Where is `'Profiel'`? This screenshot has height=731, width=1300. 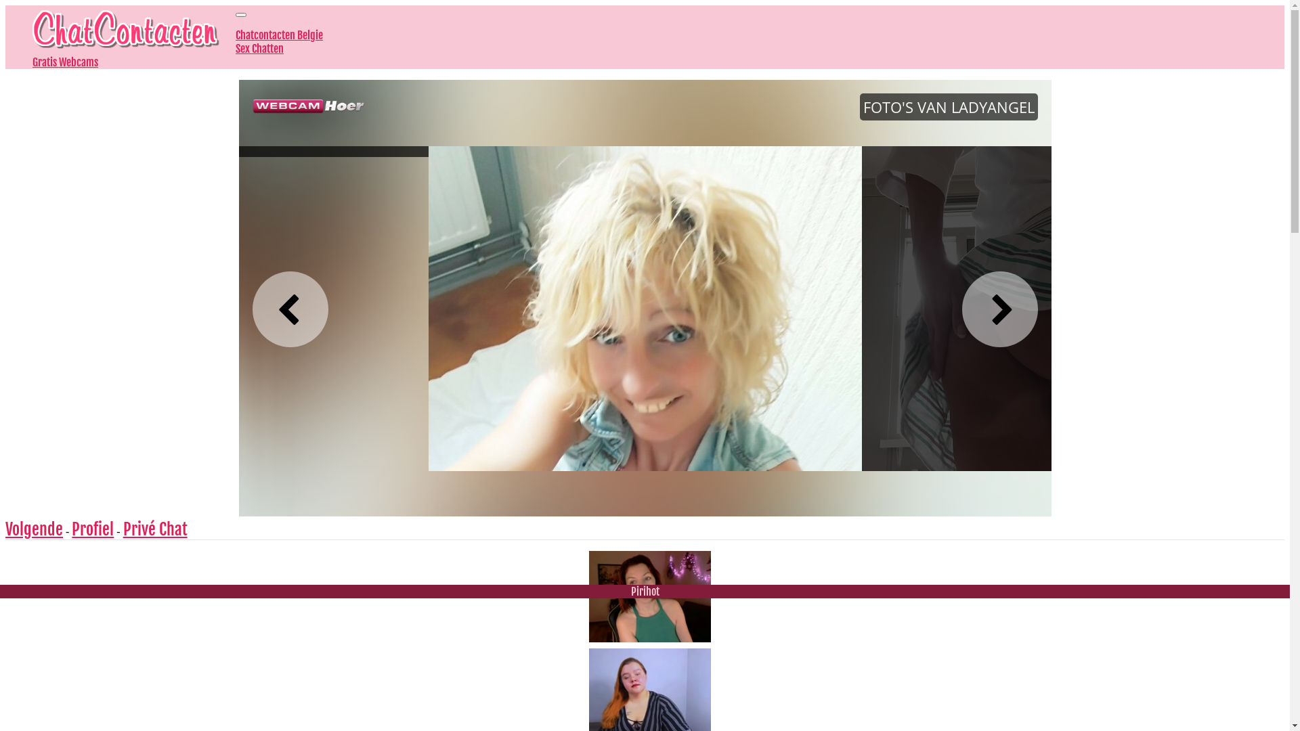
'Profiel' is located at coordinates (70, 529).